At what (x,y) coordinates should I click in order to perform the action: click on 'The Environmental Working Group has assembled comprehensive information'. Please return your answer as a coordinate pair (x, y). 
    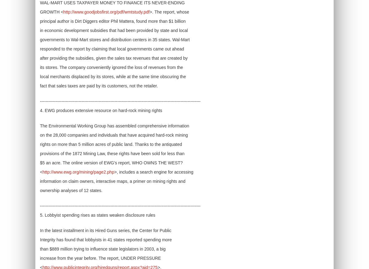
    Looking at the image, I should click on (114, 126).